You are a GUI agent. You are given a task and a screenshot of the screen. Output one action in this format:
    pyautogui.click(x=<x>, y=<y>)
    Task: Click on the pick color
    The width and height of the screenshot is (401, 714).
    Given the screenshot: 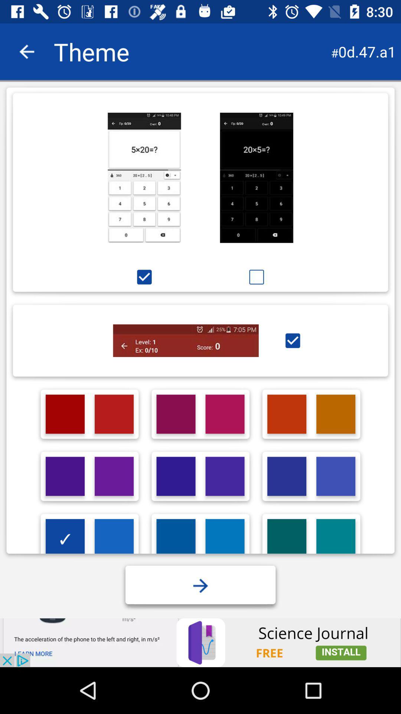 What is the action you would take?
    pyautogui.click(x=114, y=476)
    